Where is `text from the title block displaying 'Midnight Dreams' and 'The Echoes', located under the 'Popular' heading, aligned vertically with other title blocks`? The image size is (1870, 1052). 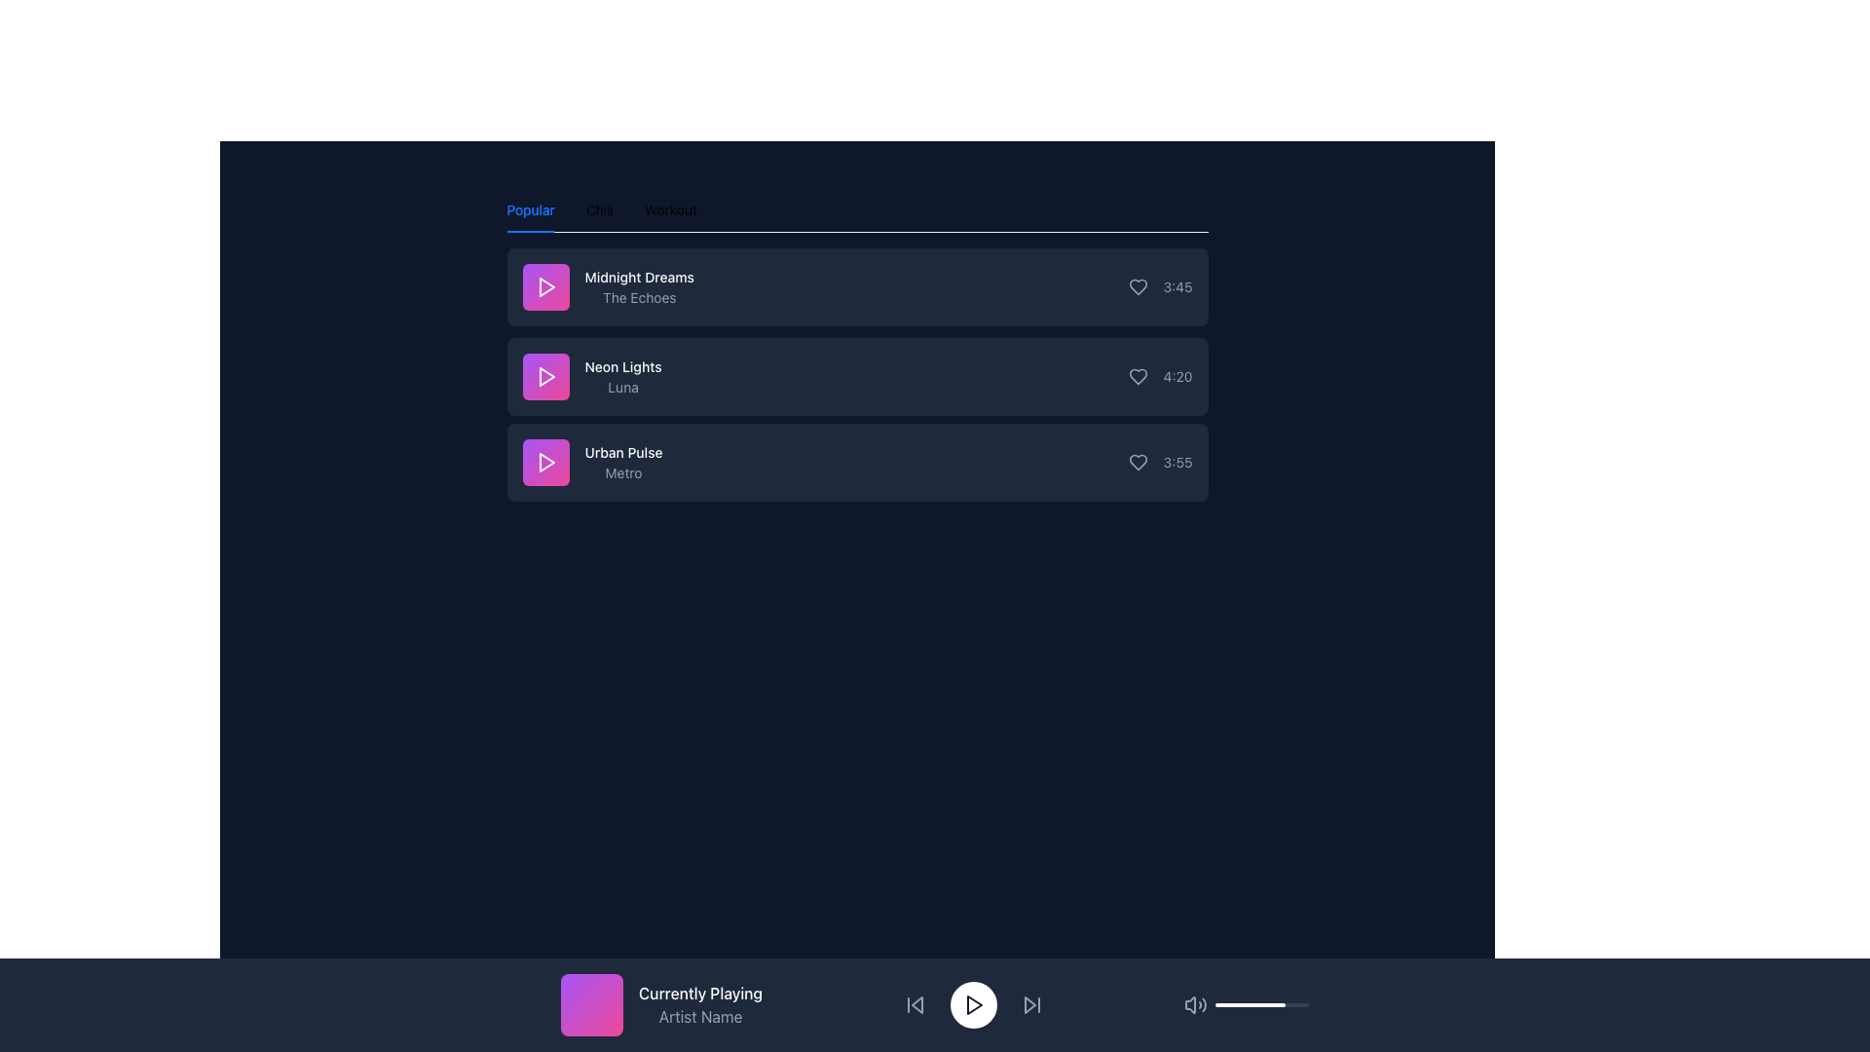
text from the title block displaying 'Midnight Dreams' and 'The Echoes', located under the 'Popular' heading, aligned vertically with other title blocks is located at coordinates (639, 286).